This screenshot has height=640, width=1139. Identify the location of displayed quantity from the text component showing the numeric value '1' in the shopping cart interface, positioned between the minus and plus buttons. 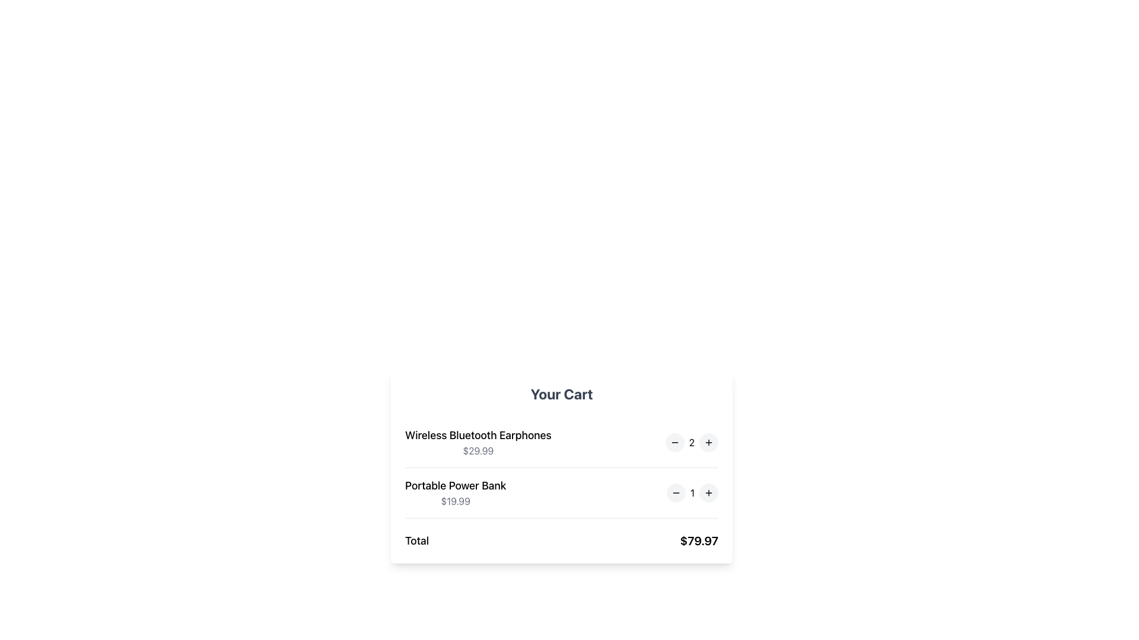
(692, 493).